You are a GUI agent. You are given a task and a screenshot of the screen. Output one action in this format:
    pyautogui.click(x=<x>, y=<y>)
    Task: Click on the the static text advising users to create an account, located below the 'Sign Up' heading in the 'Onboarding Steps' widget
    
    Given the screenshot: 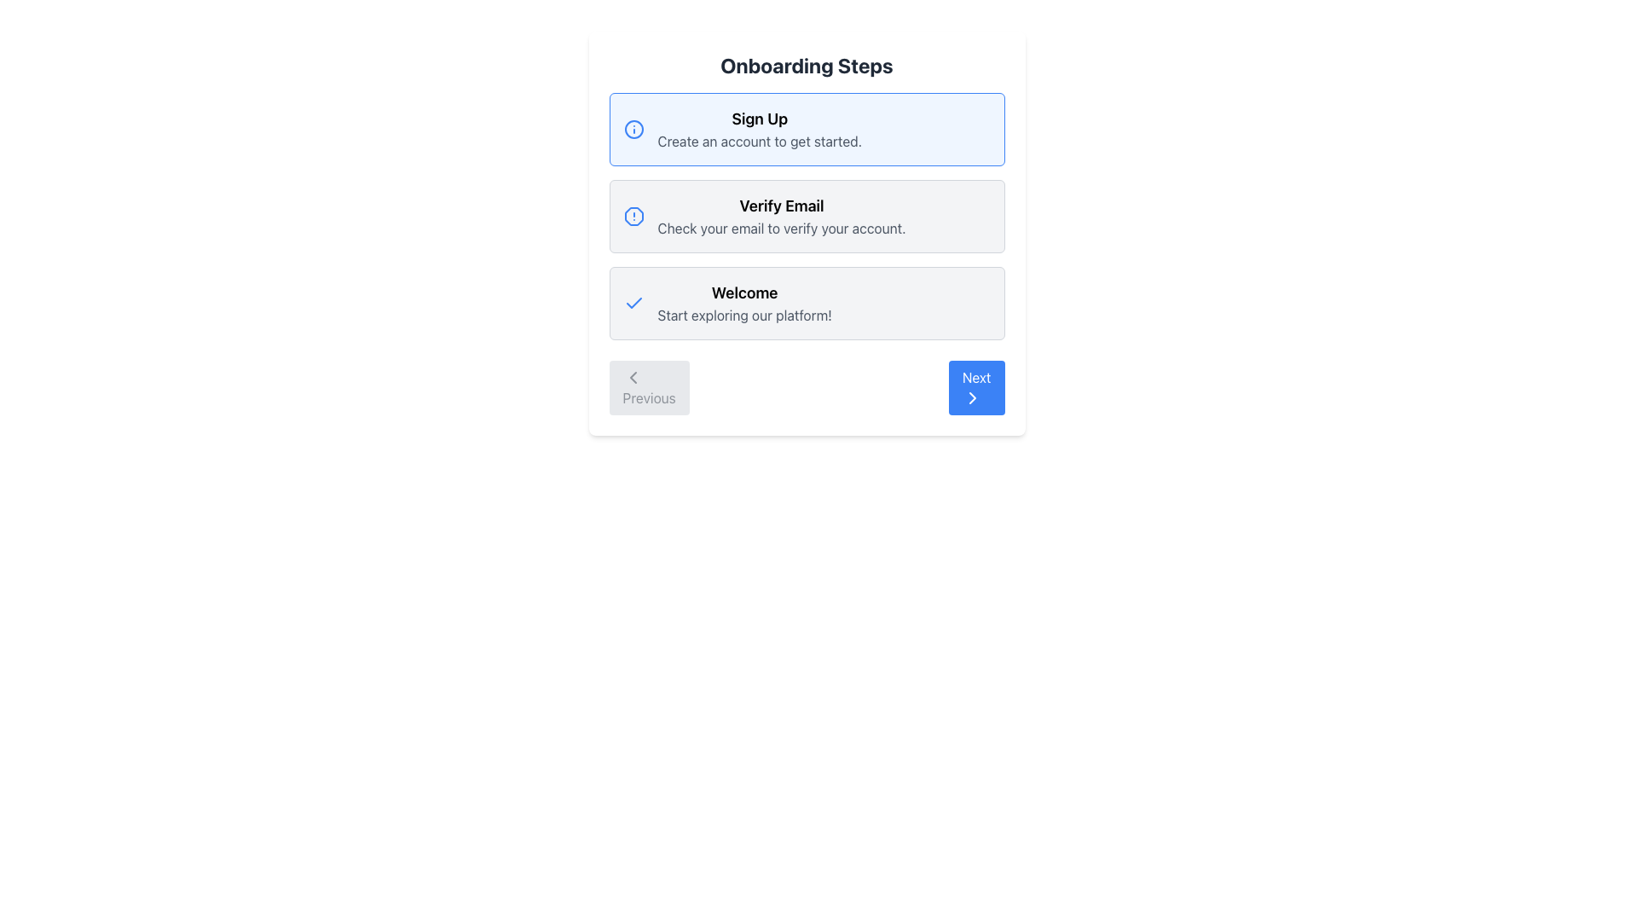 What is the action you would take?
    pyautogui.click(x=759, y=140)
    